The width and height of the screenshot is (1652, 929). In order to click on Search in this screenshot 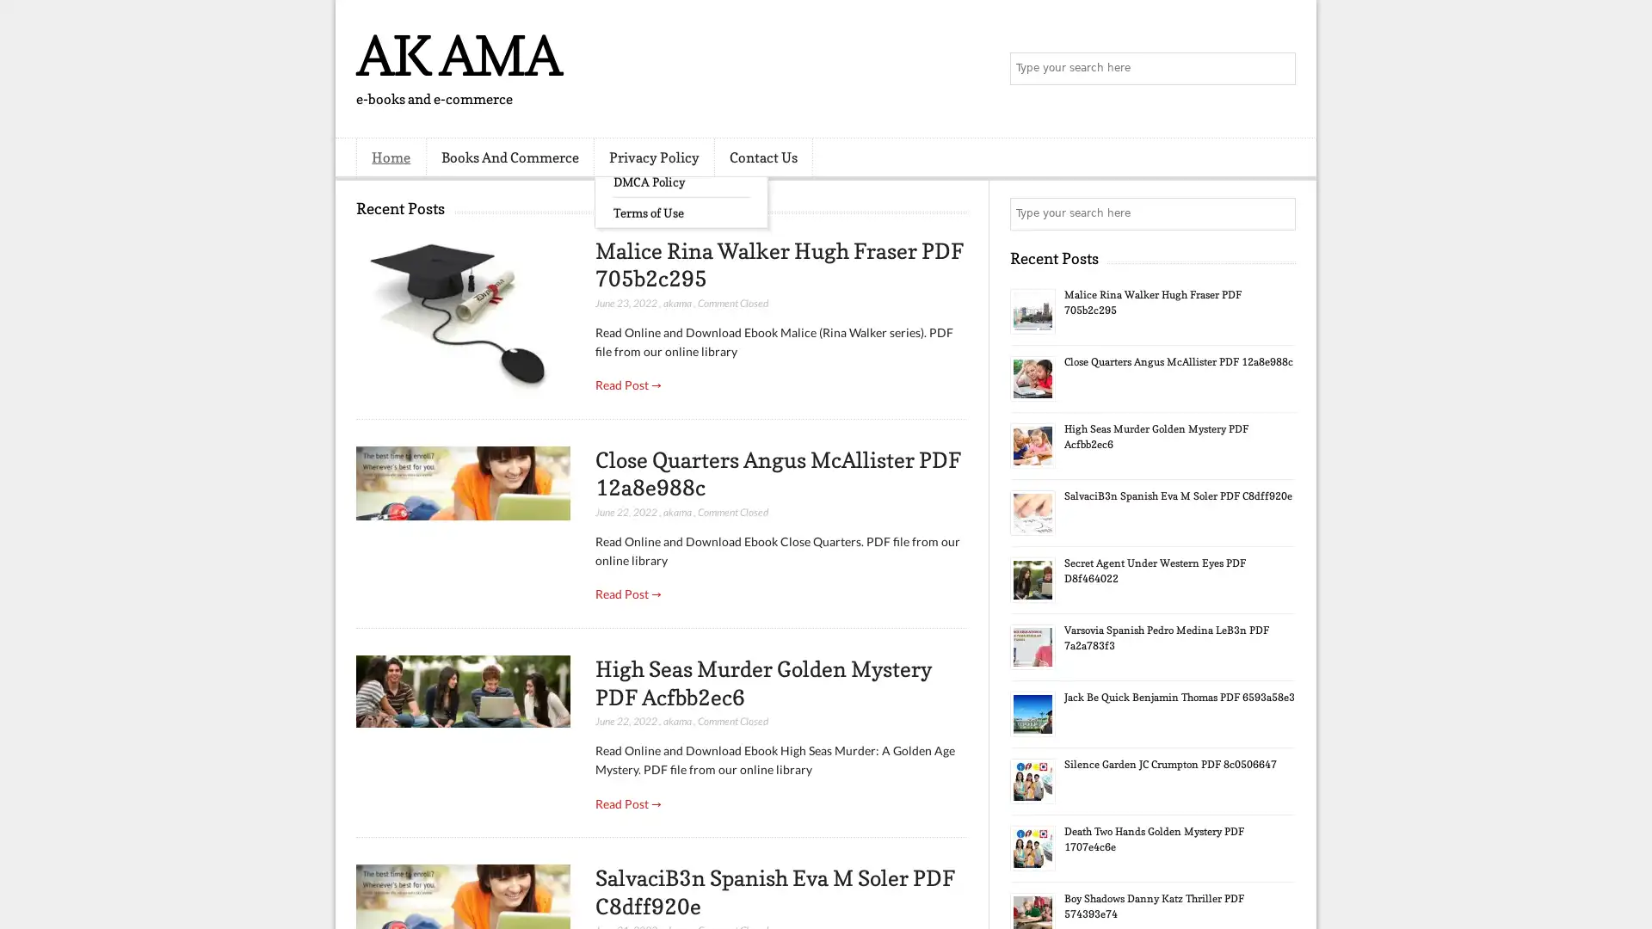, I will do `click(1278, 213)`.